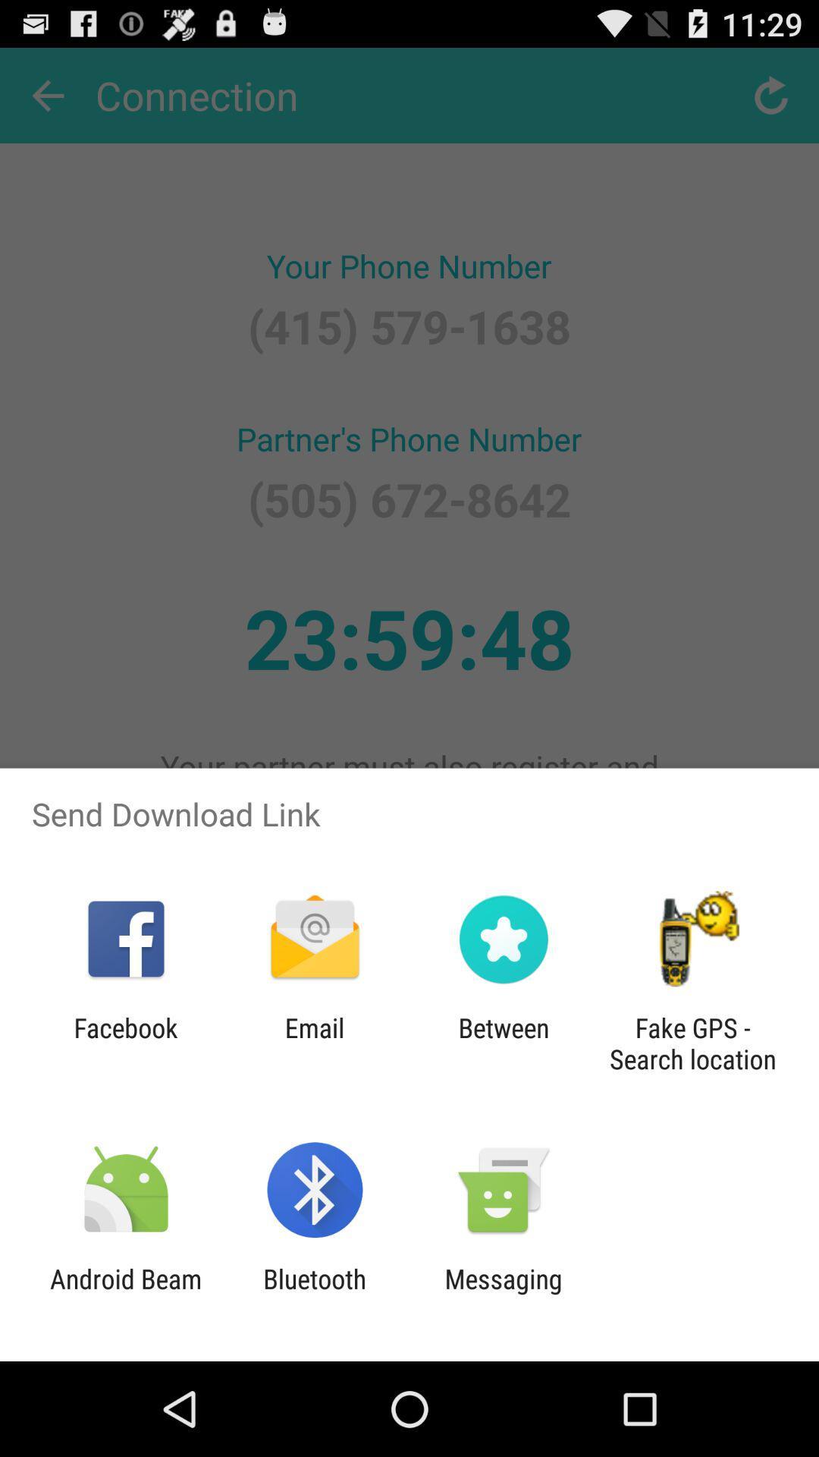 The width and height of the screenshot is (819, 1457). I want to click on the bluetooth item, so click(314, 1294).